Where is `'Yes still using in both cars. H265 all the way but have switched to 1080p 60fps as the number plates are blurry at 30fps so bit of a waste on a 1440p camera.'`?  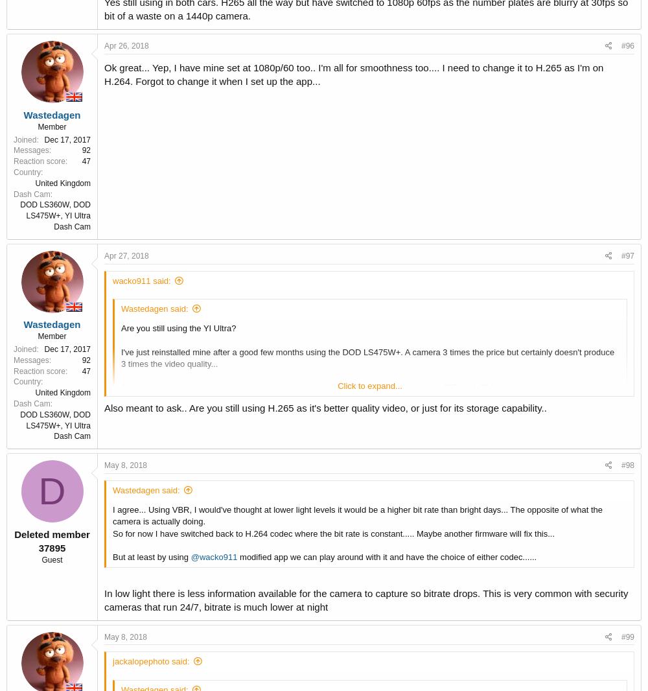
'Yes still using in both cars. H265 all the way but have switched to 1080p 60fps as the number plates are blurry at 30fps so bit of a waste on a 1440p camera.' is located at coordinates (365, 436).